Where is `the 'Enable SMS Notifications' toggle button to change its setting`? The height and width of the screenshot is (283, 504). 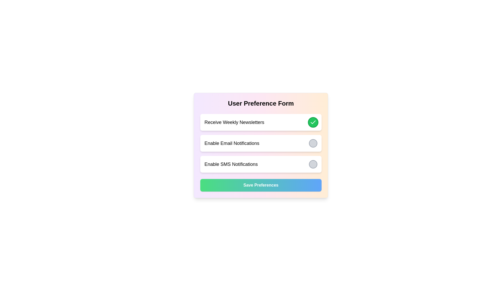 the 'Enable SMS Notifications' toggle button to change its setting is located at coordinates (313, 164).